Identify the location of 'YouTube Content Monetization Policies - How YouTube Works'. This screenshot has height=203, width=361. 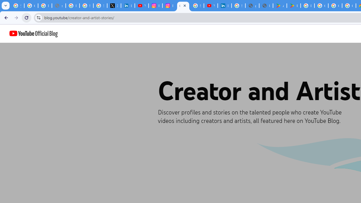
(142, 6).